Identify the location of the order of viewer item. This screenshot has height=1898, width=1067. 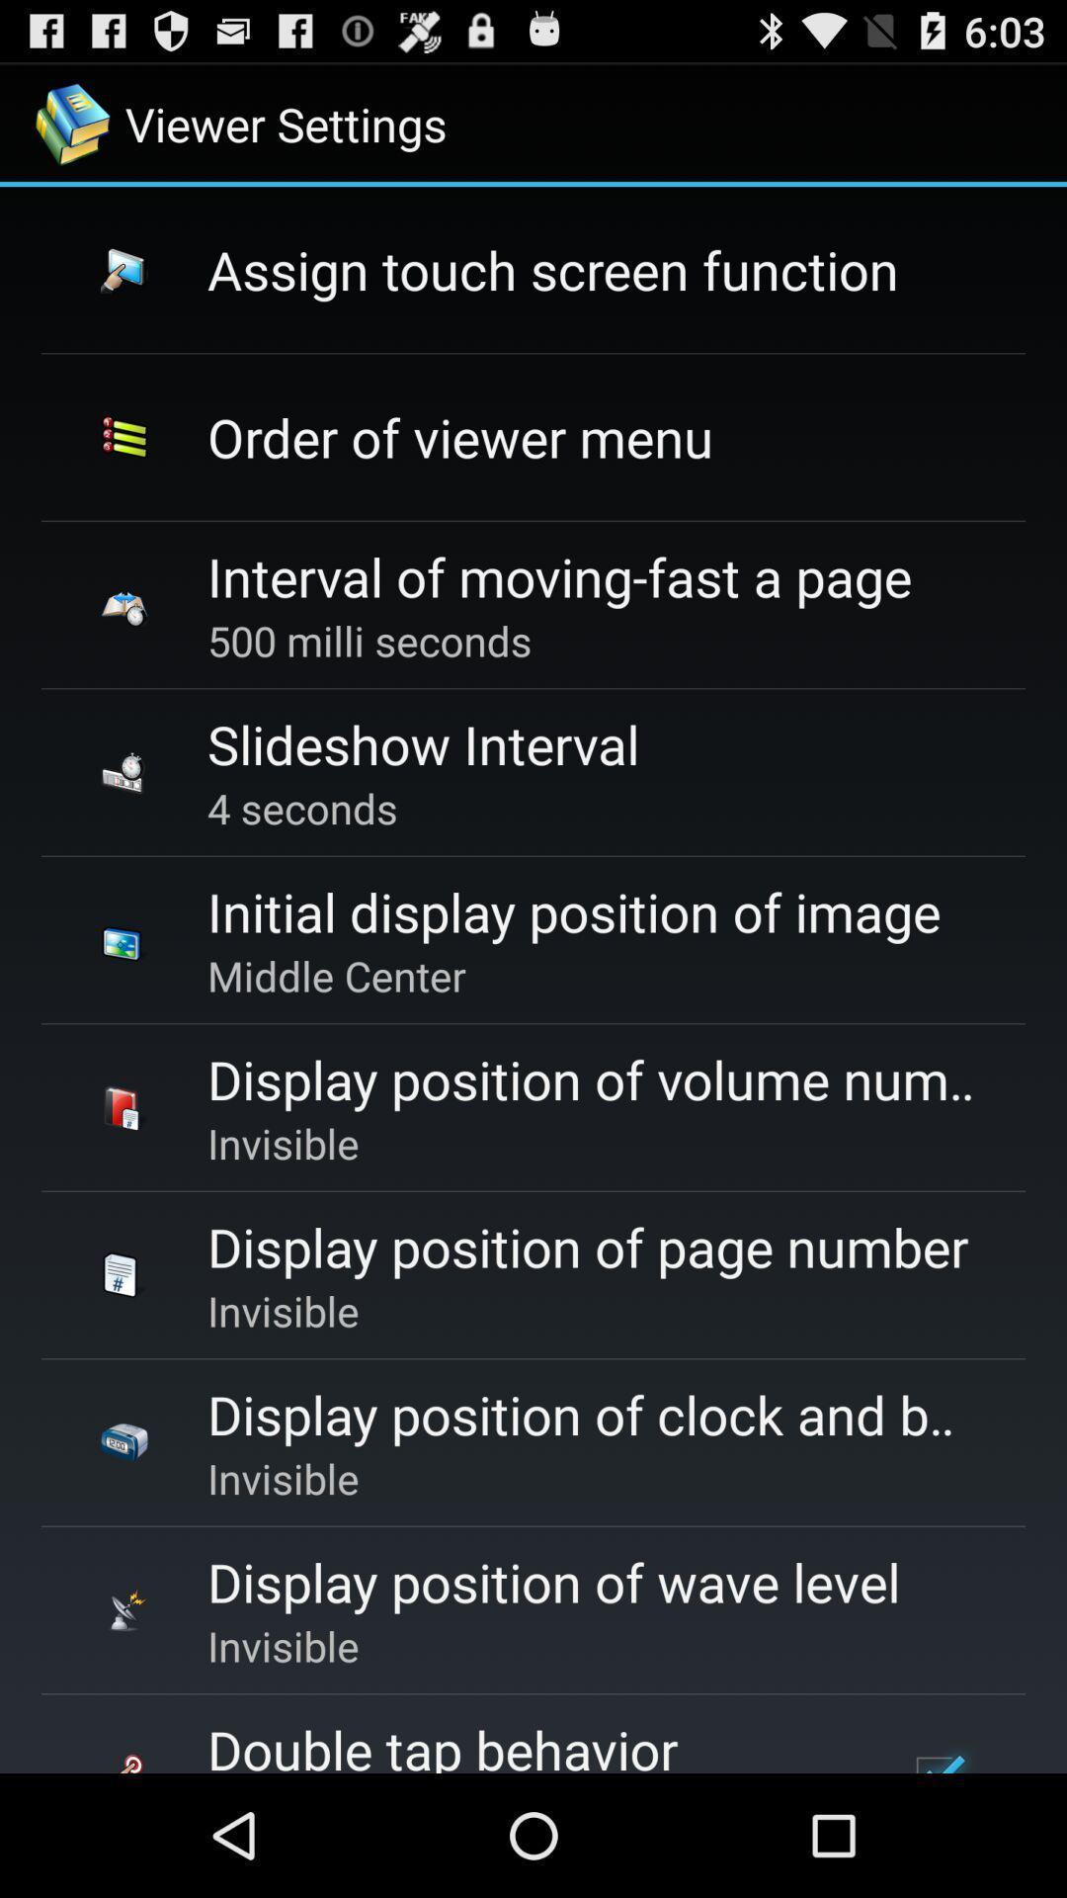
(460, 436).